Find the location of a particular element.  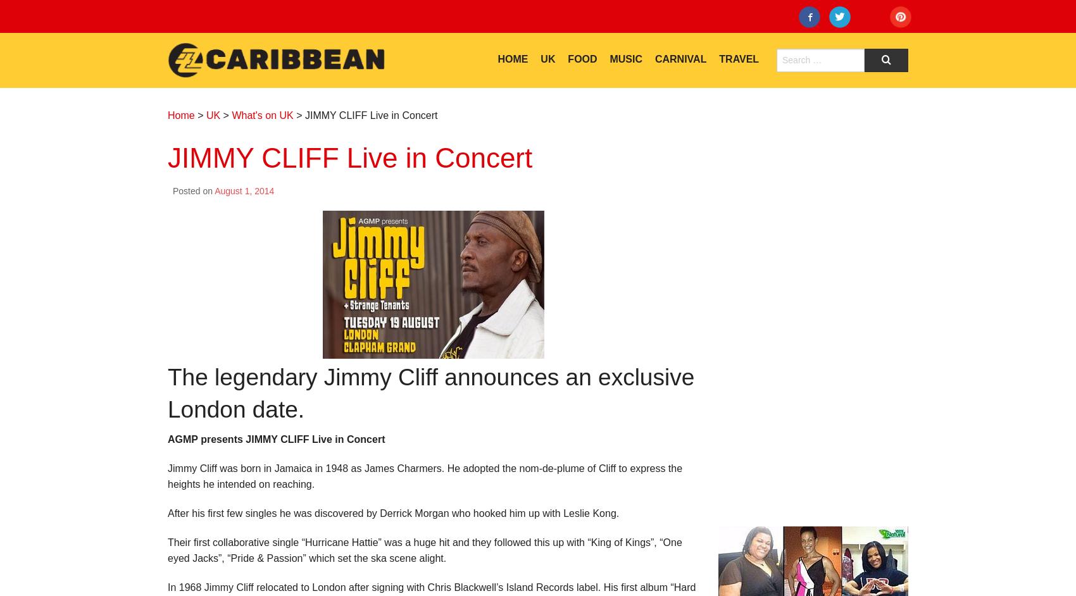

'Posted on' is located at coordinates (194, 191).